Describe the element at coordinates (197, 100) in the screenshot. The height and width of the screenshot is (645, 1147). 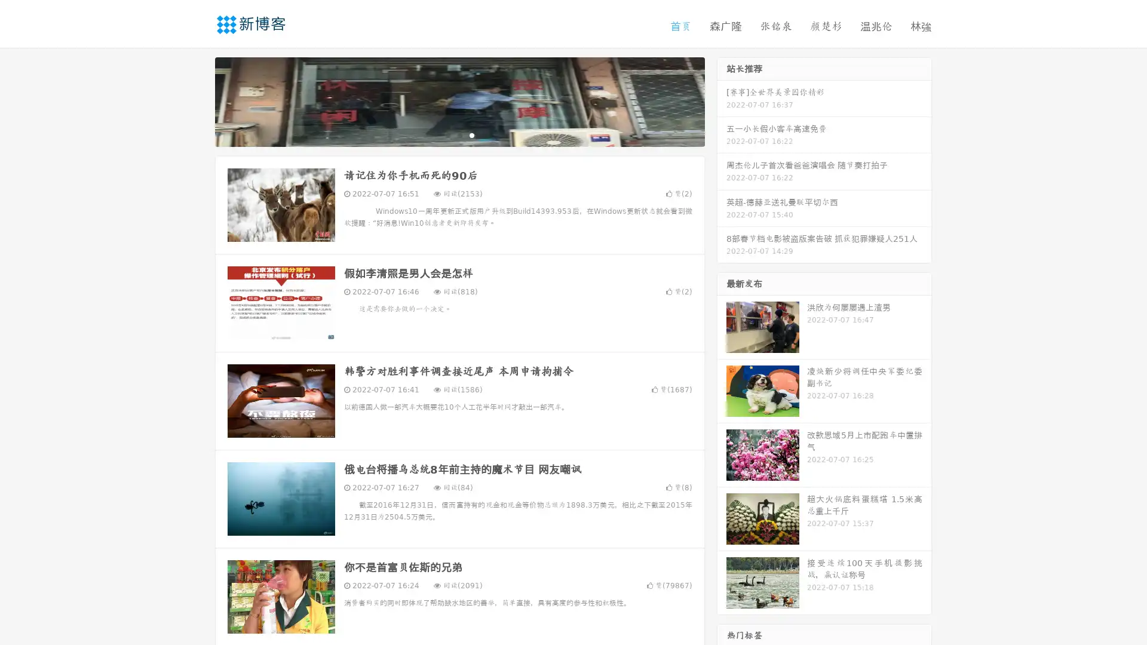
I see `Previous slide` at that location.